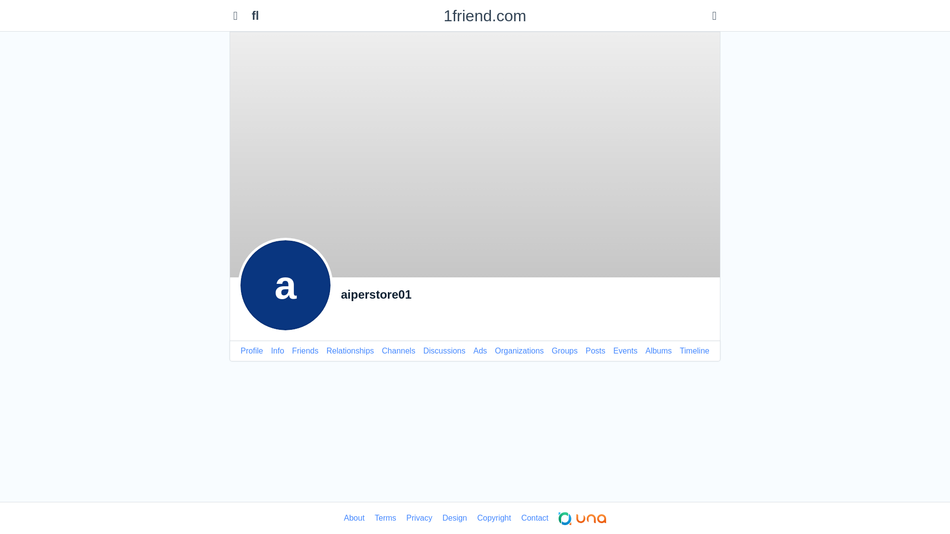 The height and width of the screenshot is (534, 950). What do you see at coordinates (484, 15) in the screenshot?
I see `'1friend.com'` at bounding box center [484, 15].